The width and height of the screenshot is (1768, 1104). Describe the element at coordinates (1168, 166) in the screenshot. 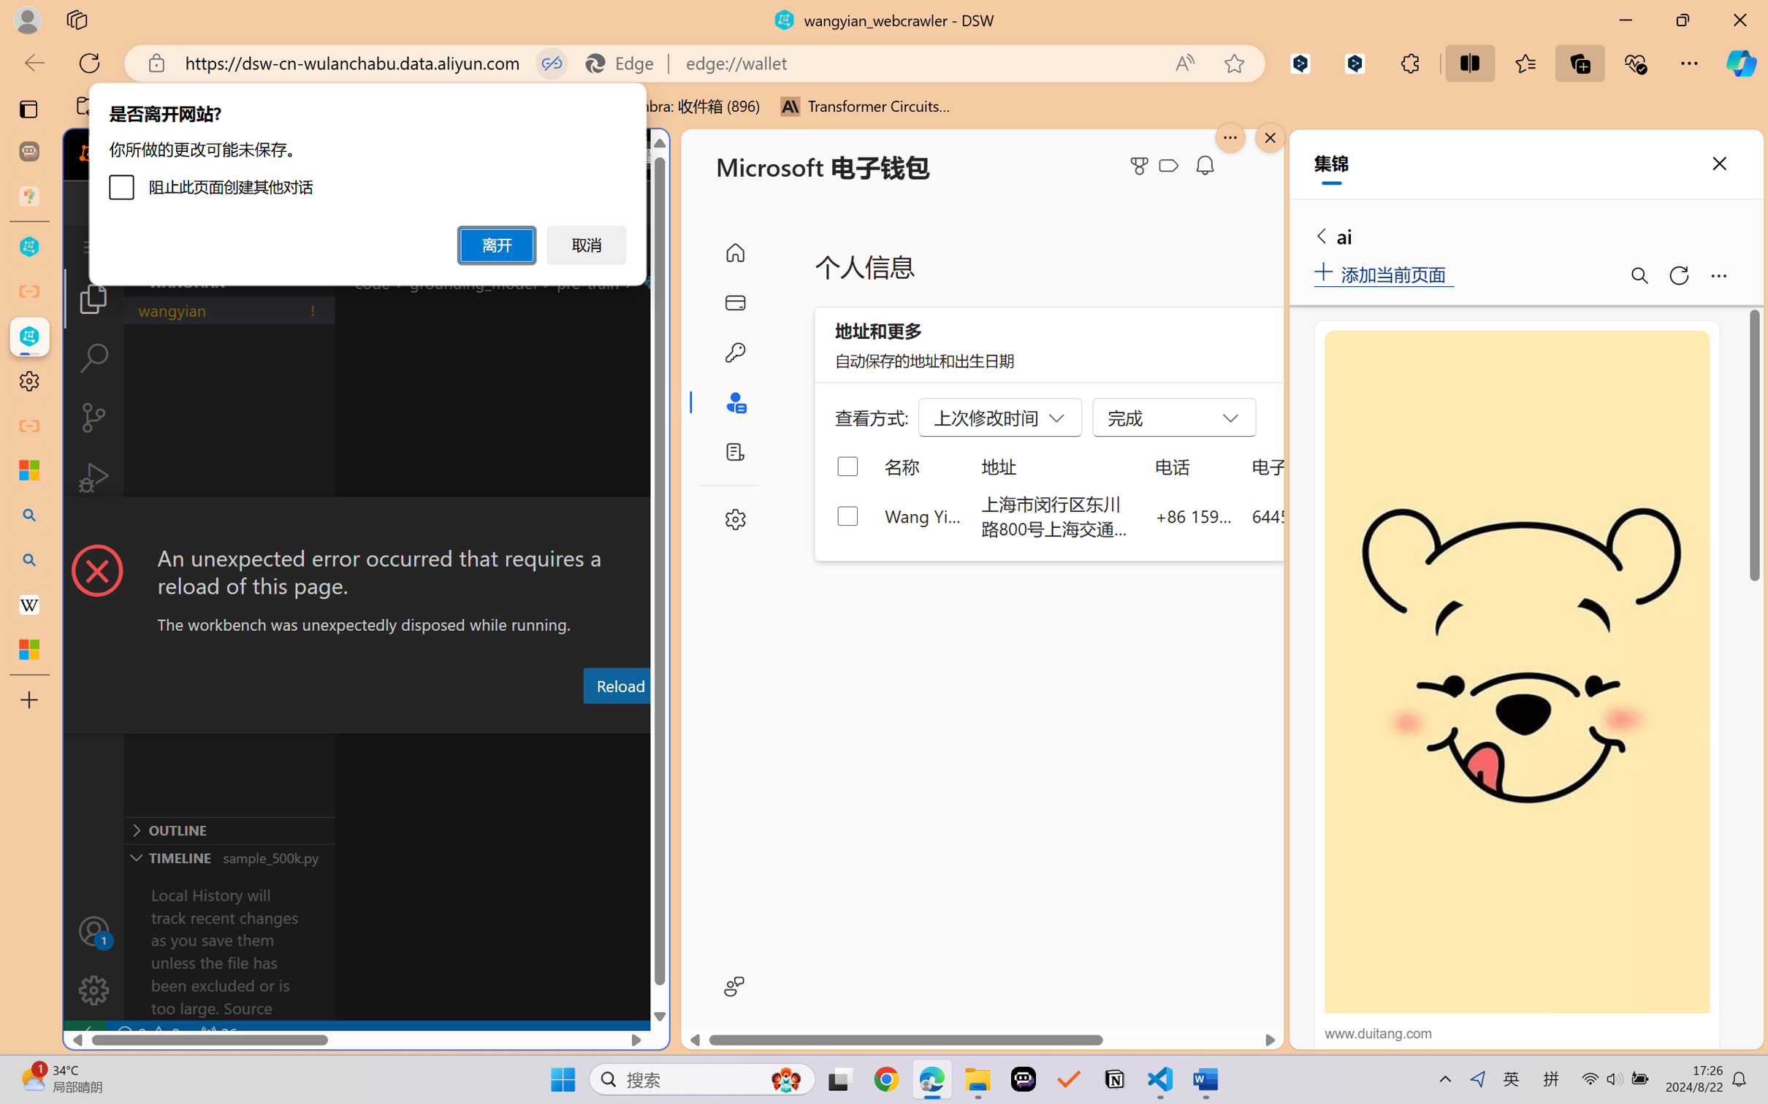

I see `'Class: ___1lmltc5 f1agt3bx f12qytpq'` at that location.